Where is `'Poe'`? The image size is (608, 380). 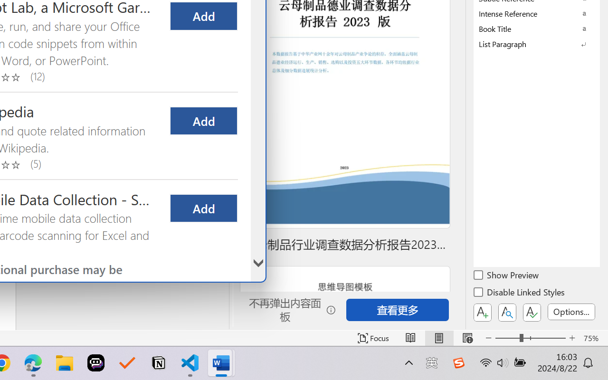 'Poe' is located at coordinates (96, 363).